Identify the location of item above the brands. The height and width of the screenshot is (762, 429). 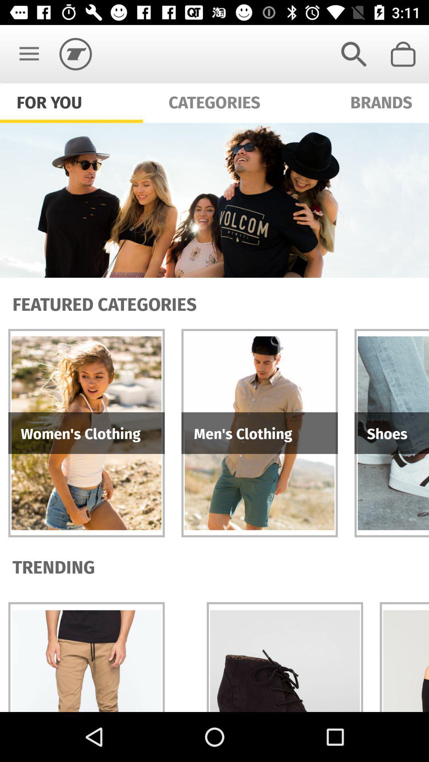
(404, 54).